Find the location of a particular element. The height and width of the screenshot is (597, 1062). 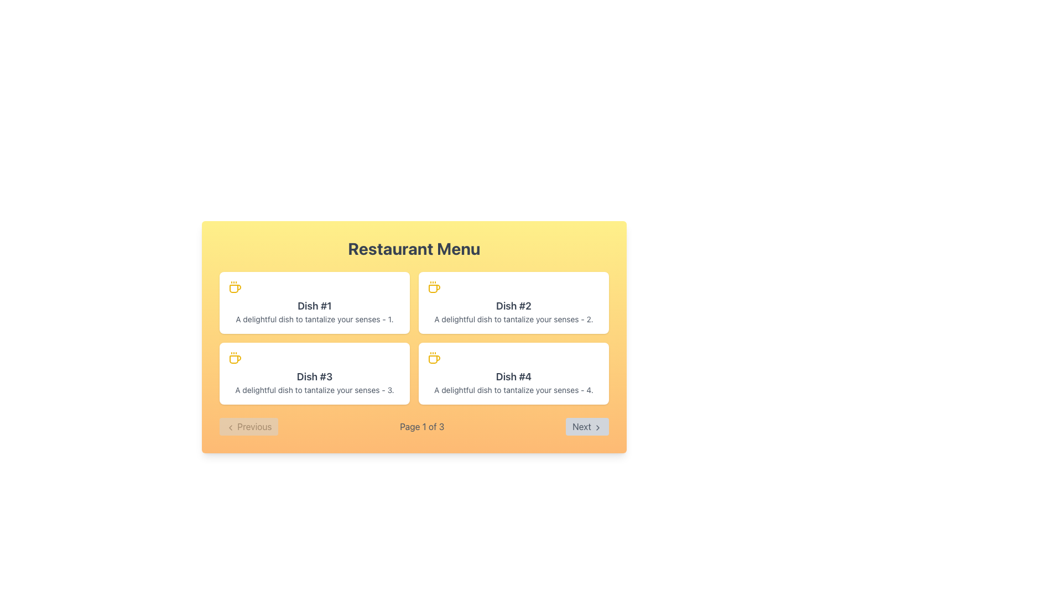

the text label stating 'A delightful dish to tantalize your senses - 3.' located below the heading 'Dish #3' in the second row and first column of the grid layout is located at coordinates (314, 389).